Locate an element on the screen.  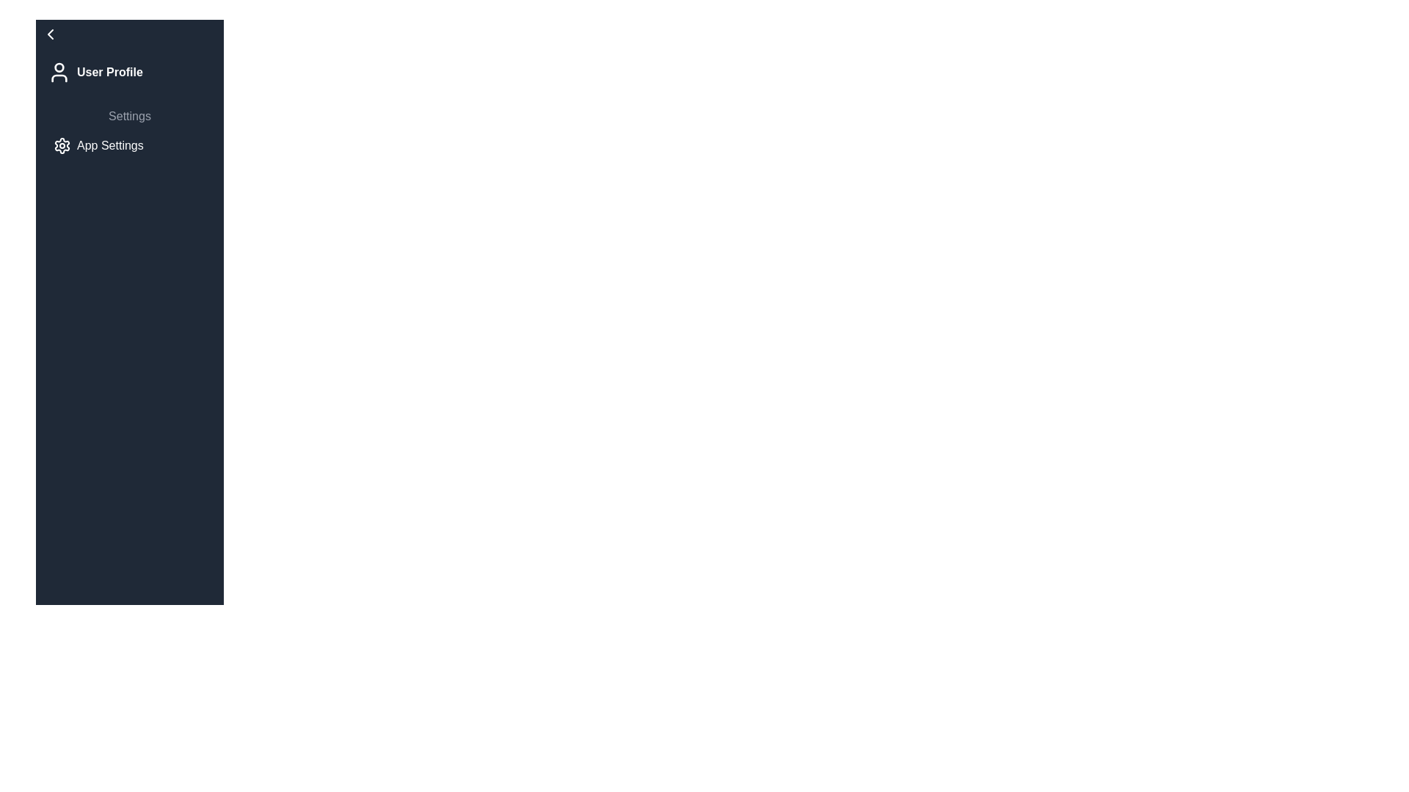
the leftward-pointing chevron icon button at the top of the vertical menu is located at coordinates (50, 33).